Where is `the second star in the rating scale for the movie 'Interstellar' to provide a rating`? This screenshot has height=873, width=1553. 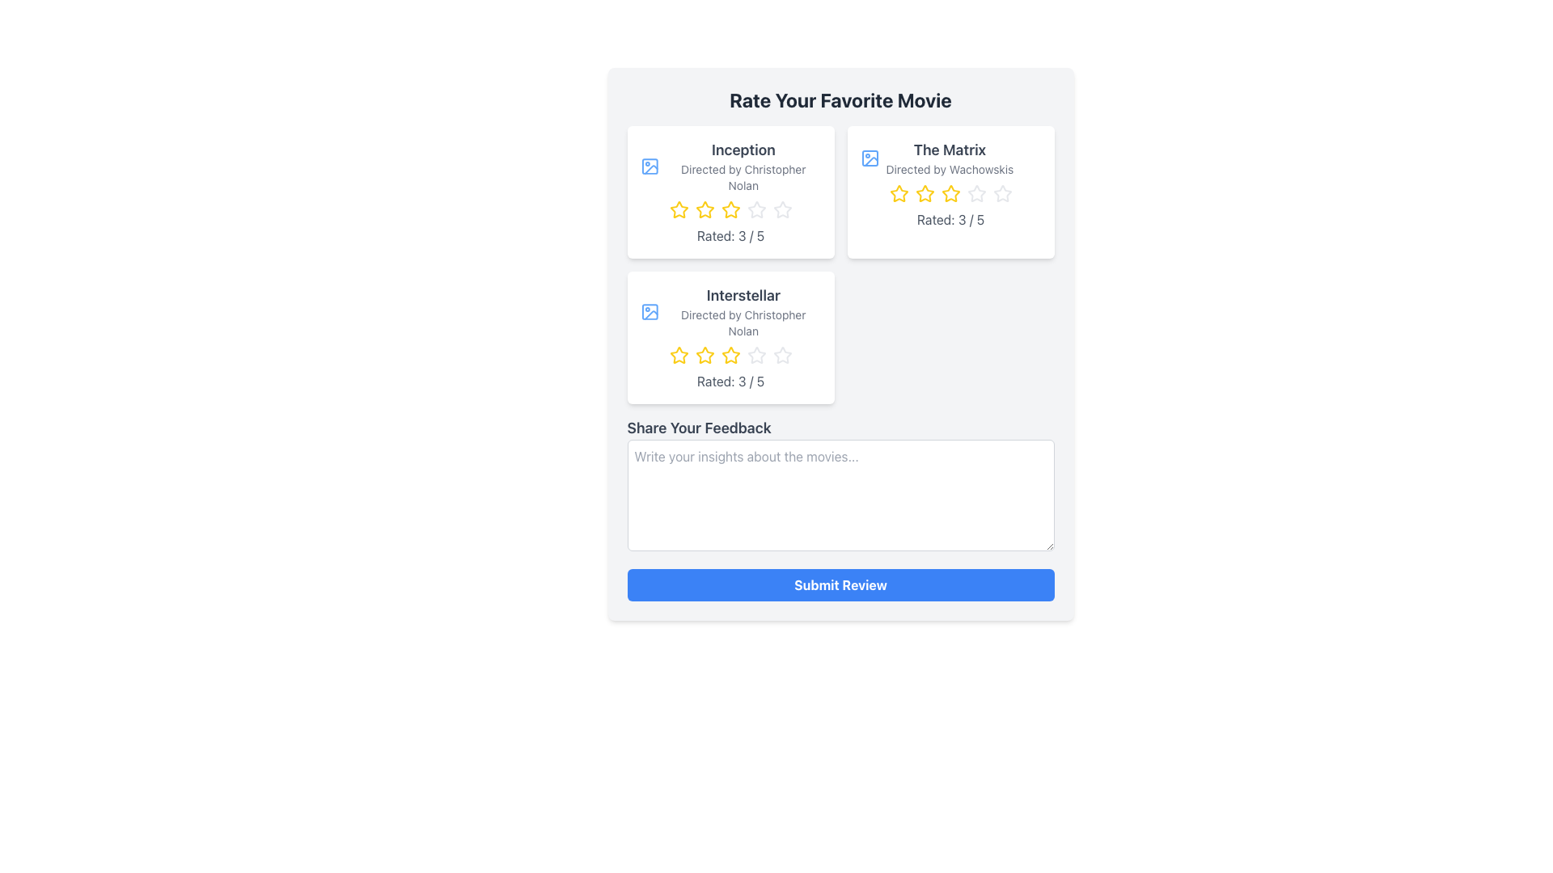 the second star in the rating scale for the movie 'Interstellar' to provide a rating is located at coordinates (705, 354).